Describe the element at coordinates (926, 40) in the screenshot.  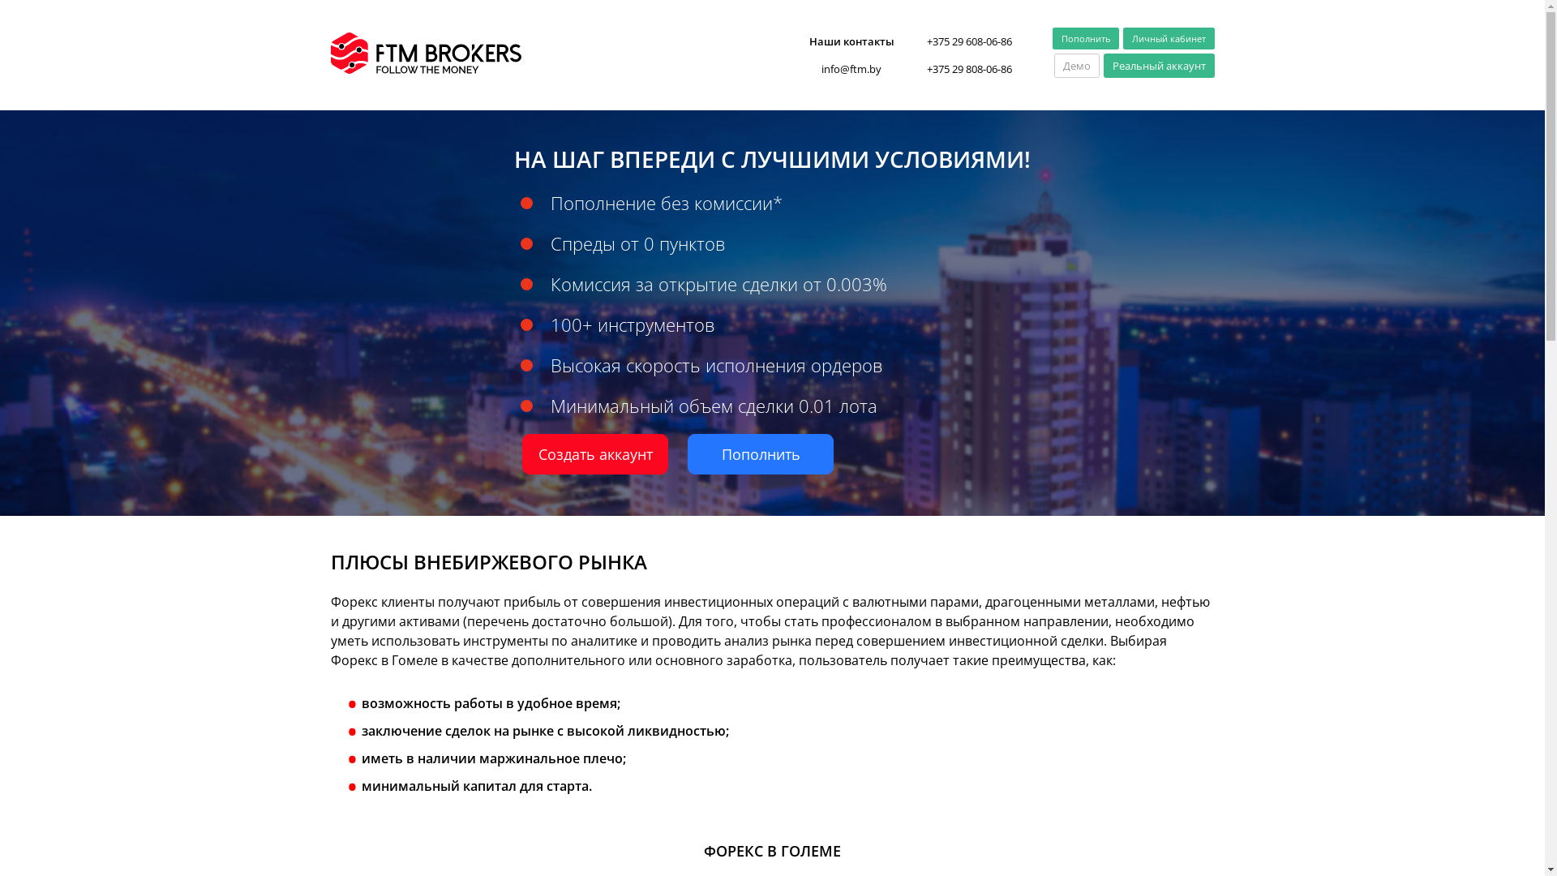
I see `'+375 29 608-06-86'` at that location.